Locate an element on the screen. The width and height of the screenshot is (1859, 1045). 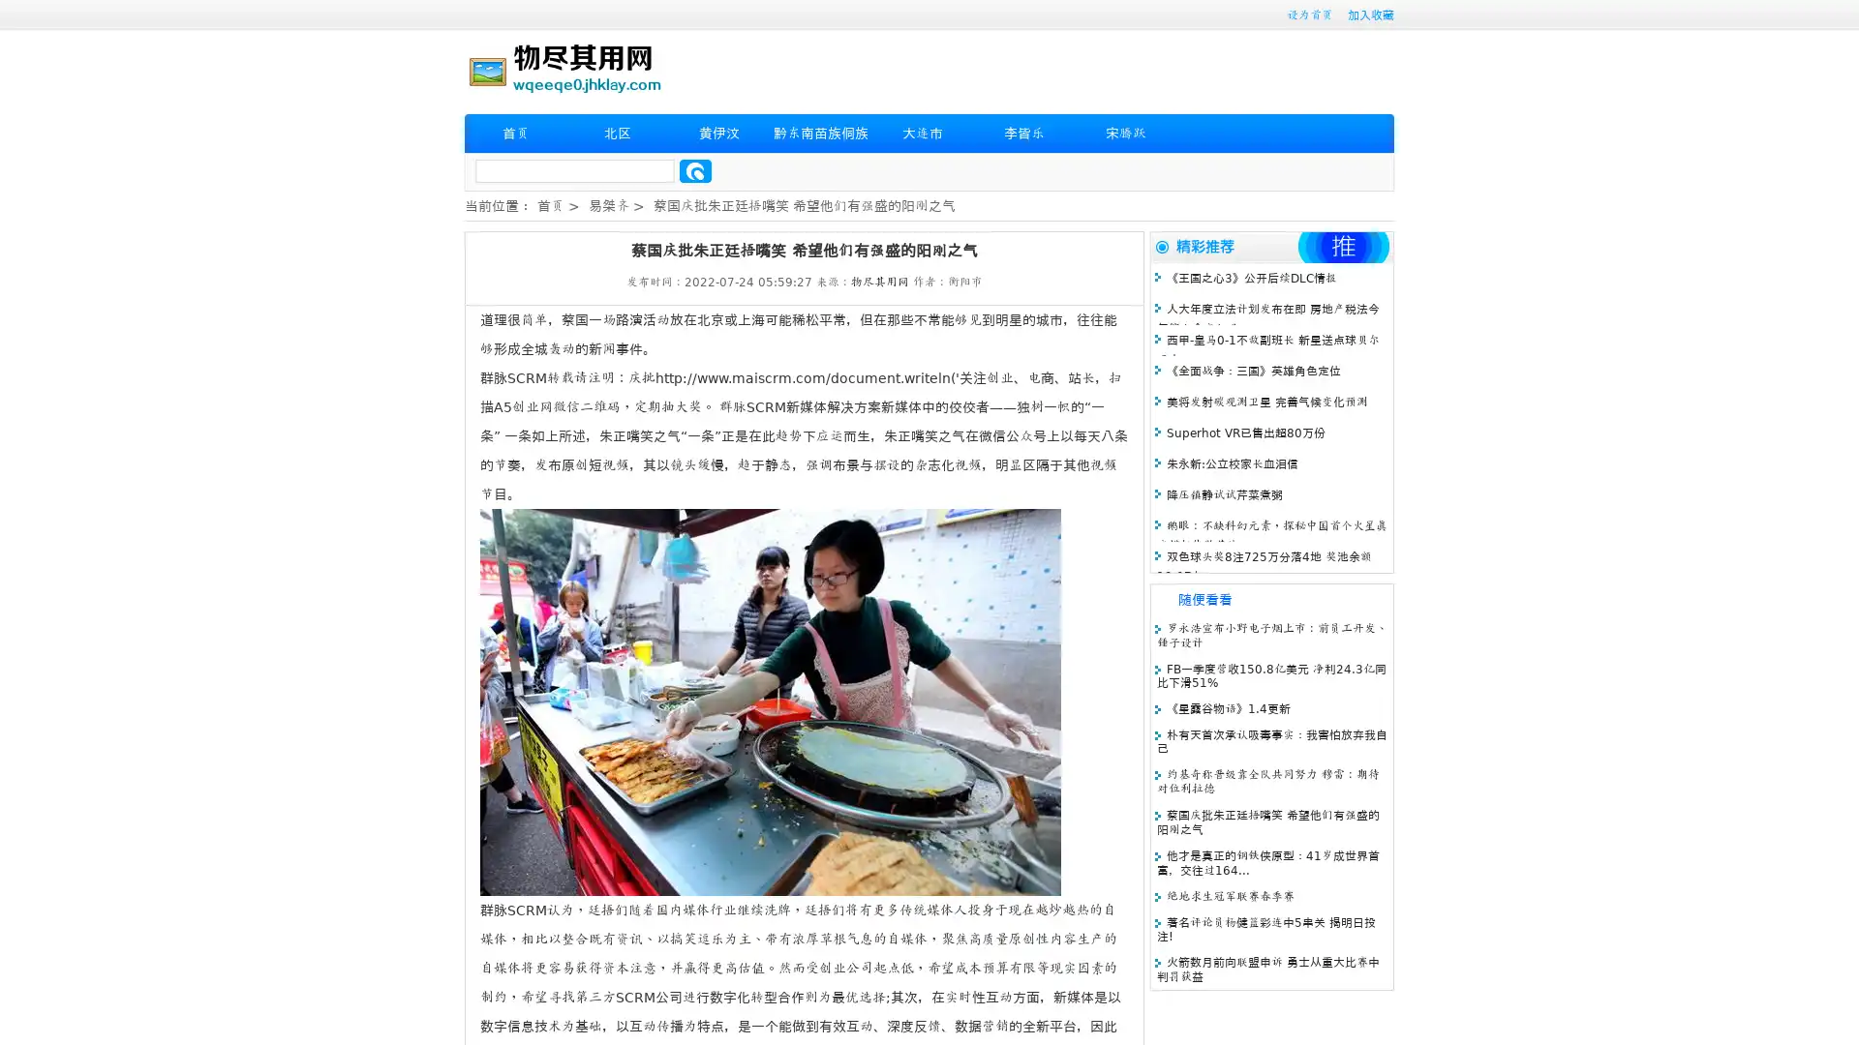
Search is located at coordinates (695, 170).